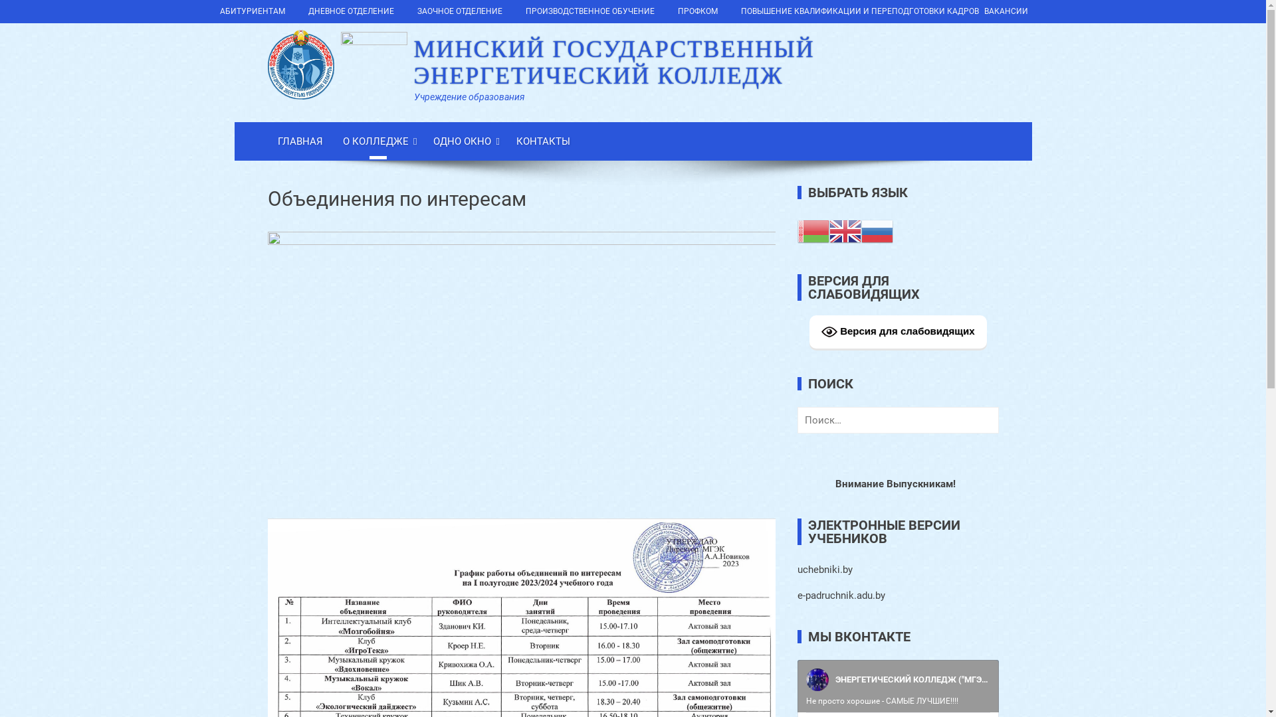 This screenshot has height=717, width=1276. I want to click on 'Belarusian', so click(813, 230).